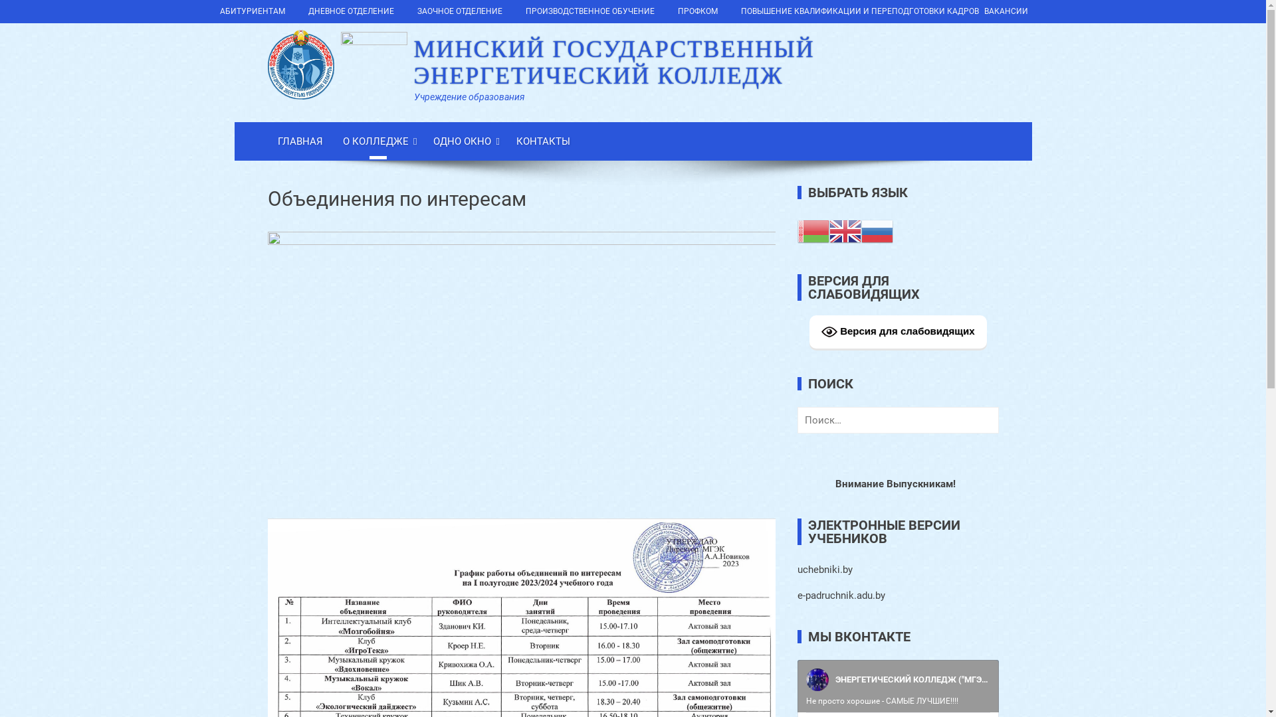 This screenshot has height=717, width=1276. I want to click on 'Belarusian', so click(813, 230).